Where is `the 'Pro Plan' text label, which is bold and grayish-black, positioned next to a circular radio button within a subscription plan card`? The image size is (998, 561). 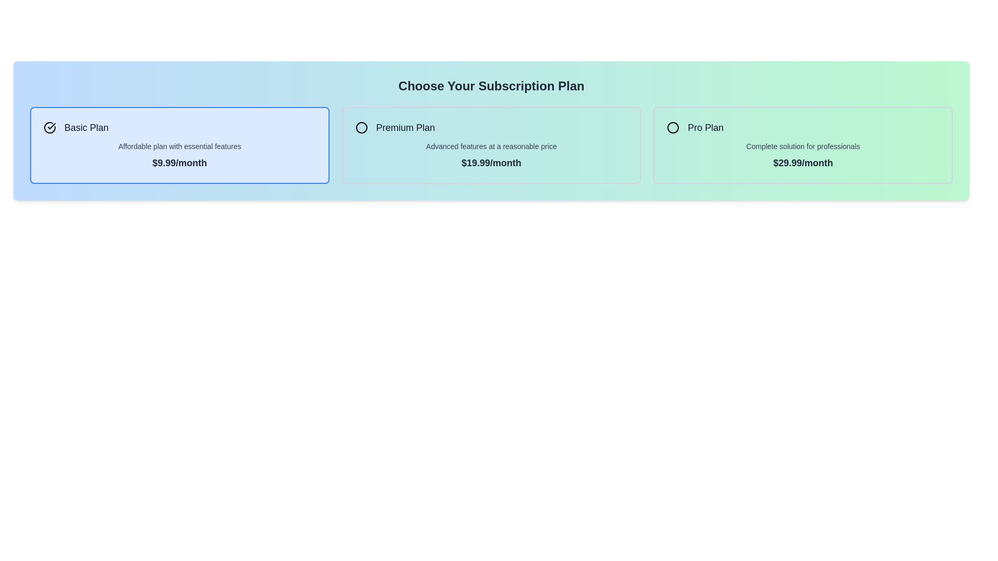
the 'Pro Plan' text label, which is bold and grayish-black, positioned next to a circular radio button within a subscription plan card is located at coordinates (705, 127).